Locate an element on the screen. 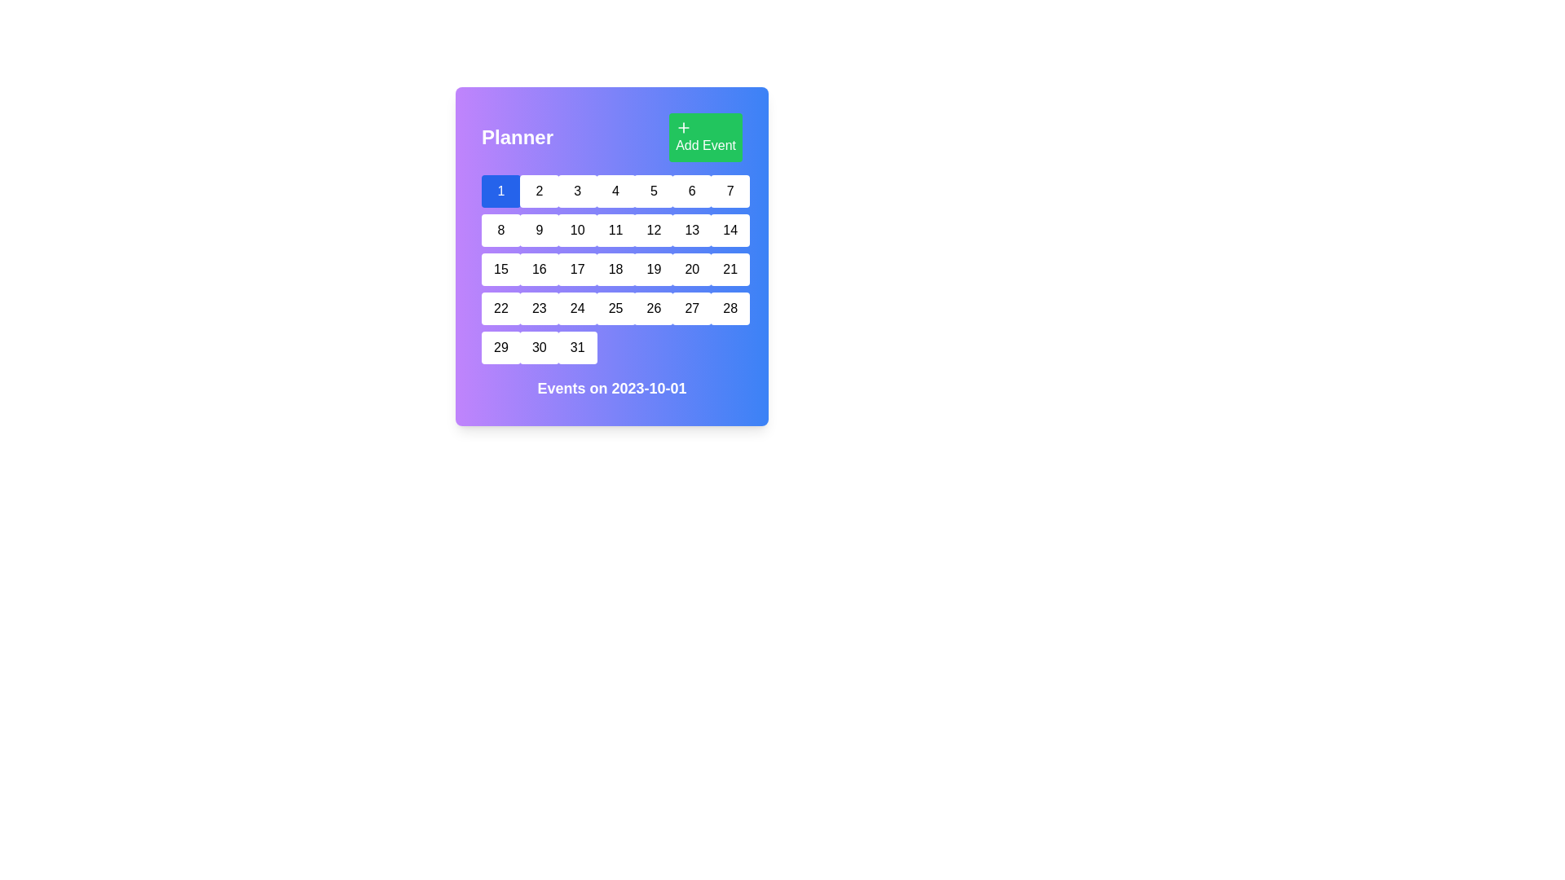 The image size is (1565, 880). the button representing the first day in the calendar grid labeled 'Planner' is located at coordinates (500, 191).